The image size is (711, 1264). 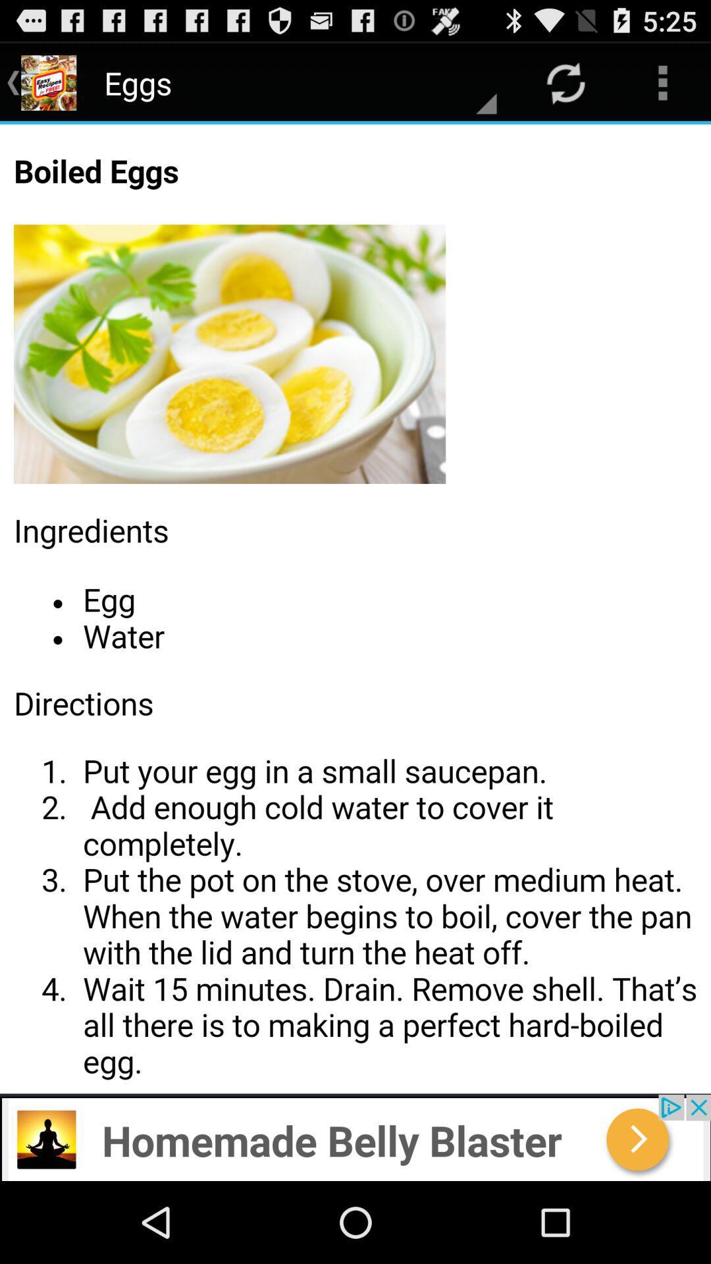 I want to click on advertiser banner, so click(x=355, y=1137).